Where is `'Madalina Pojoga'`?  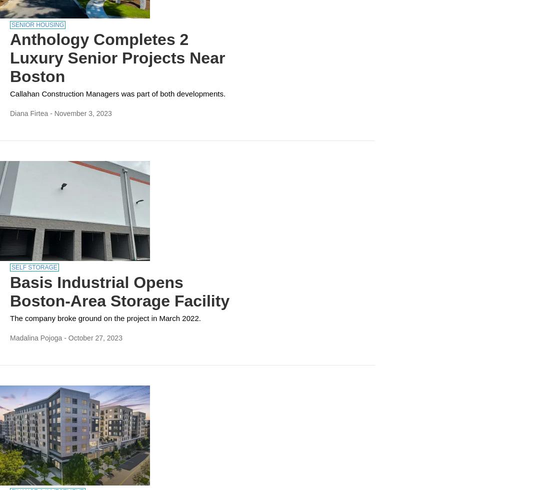 'Madalina Pojoga' is located at coordinates (9, 338).